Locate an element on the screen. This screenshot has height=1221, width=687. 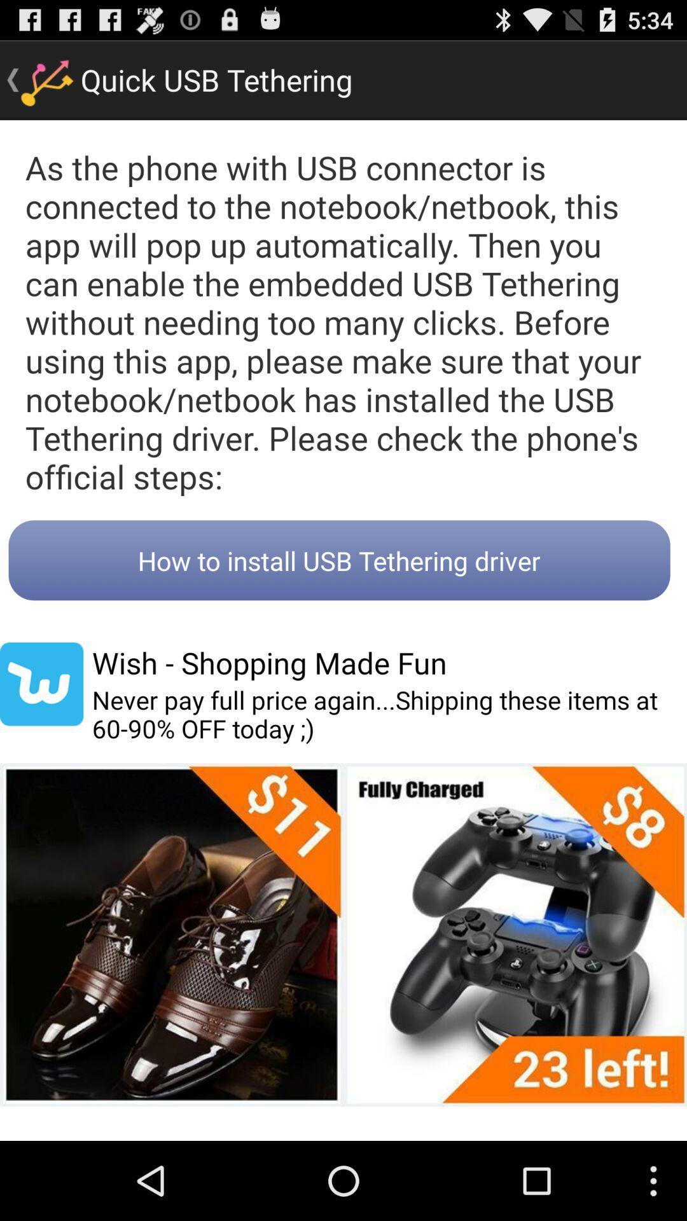
icon below as the phone icon is located at coordinates (338, 560).